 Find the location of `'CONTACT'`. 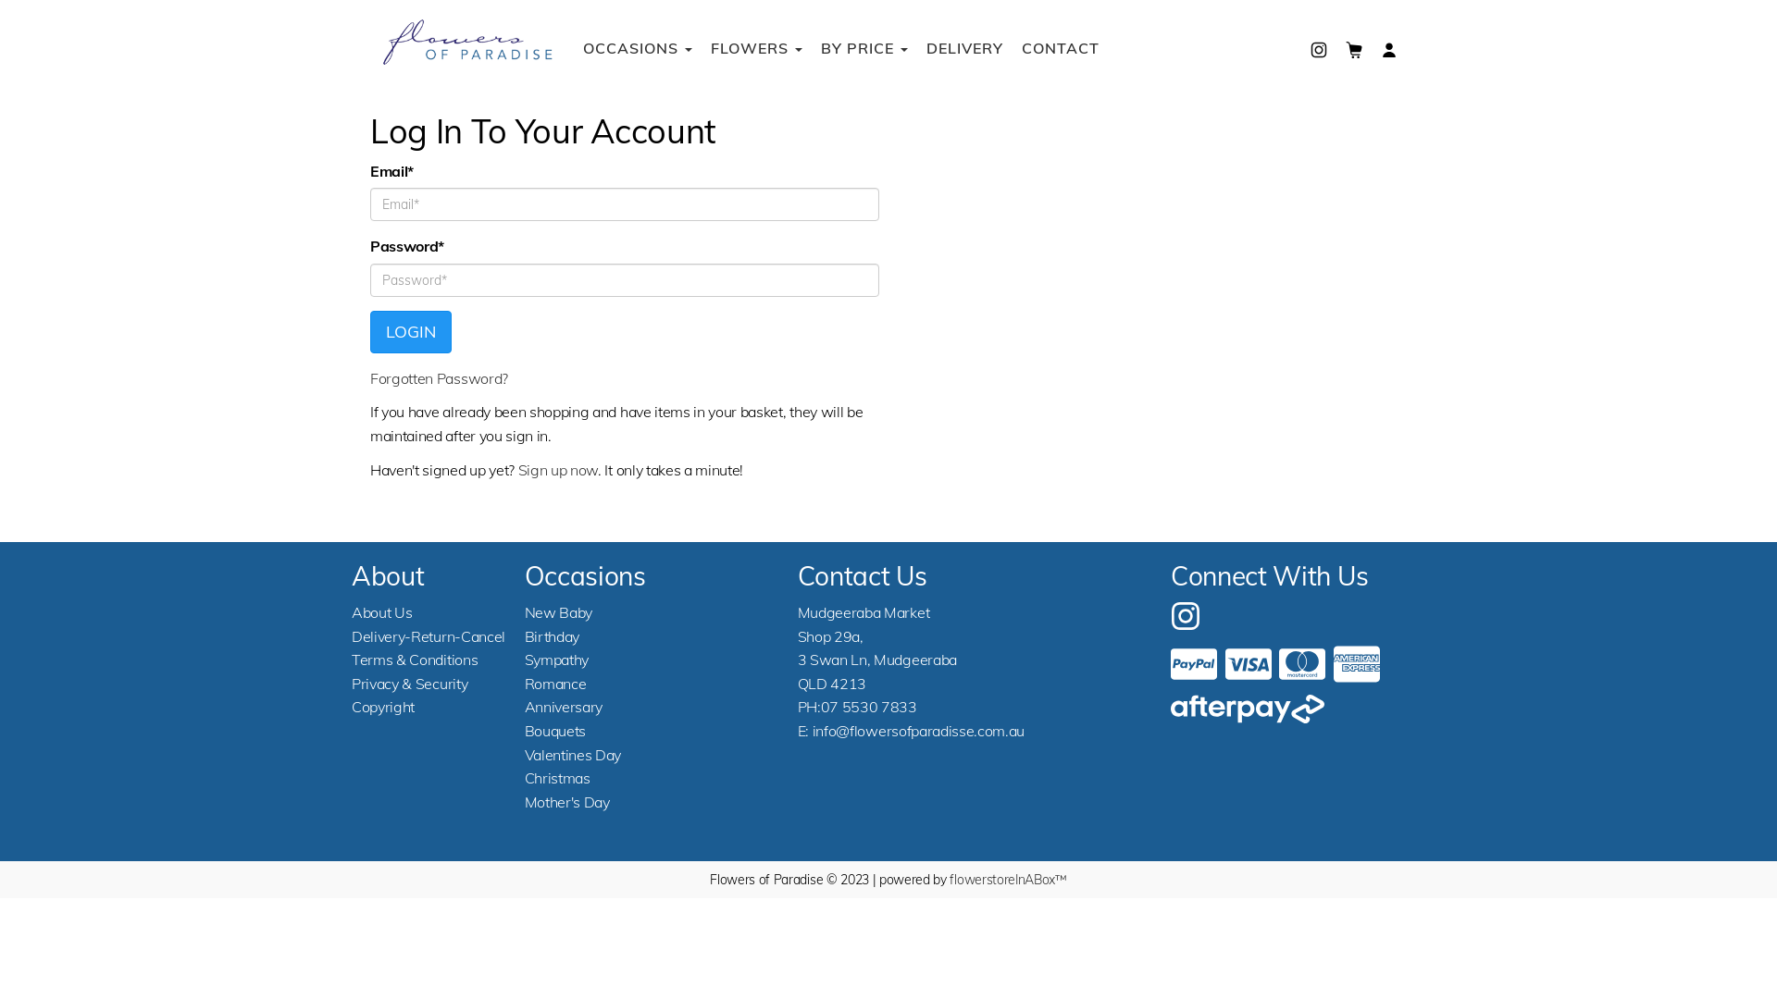

'CONTACT' is located at coordinates (1061, 46).